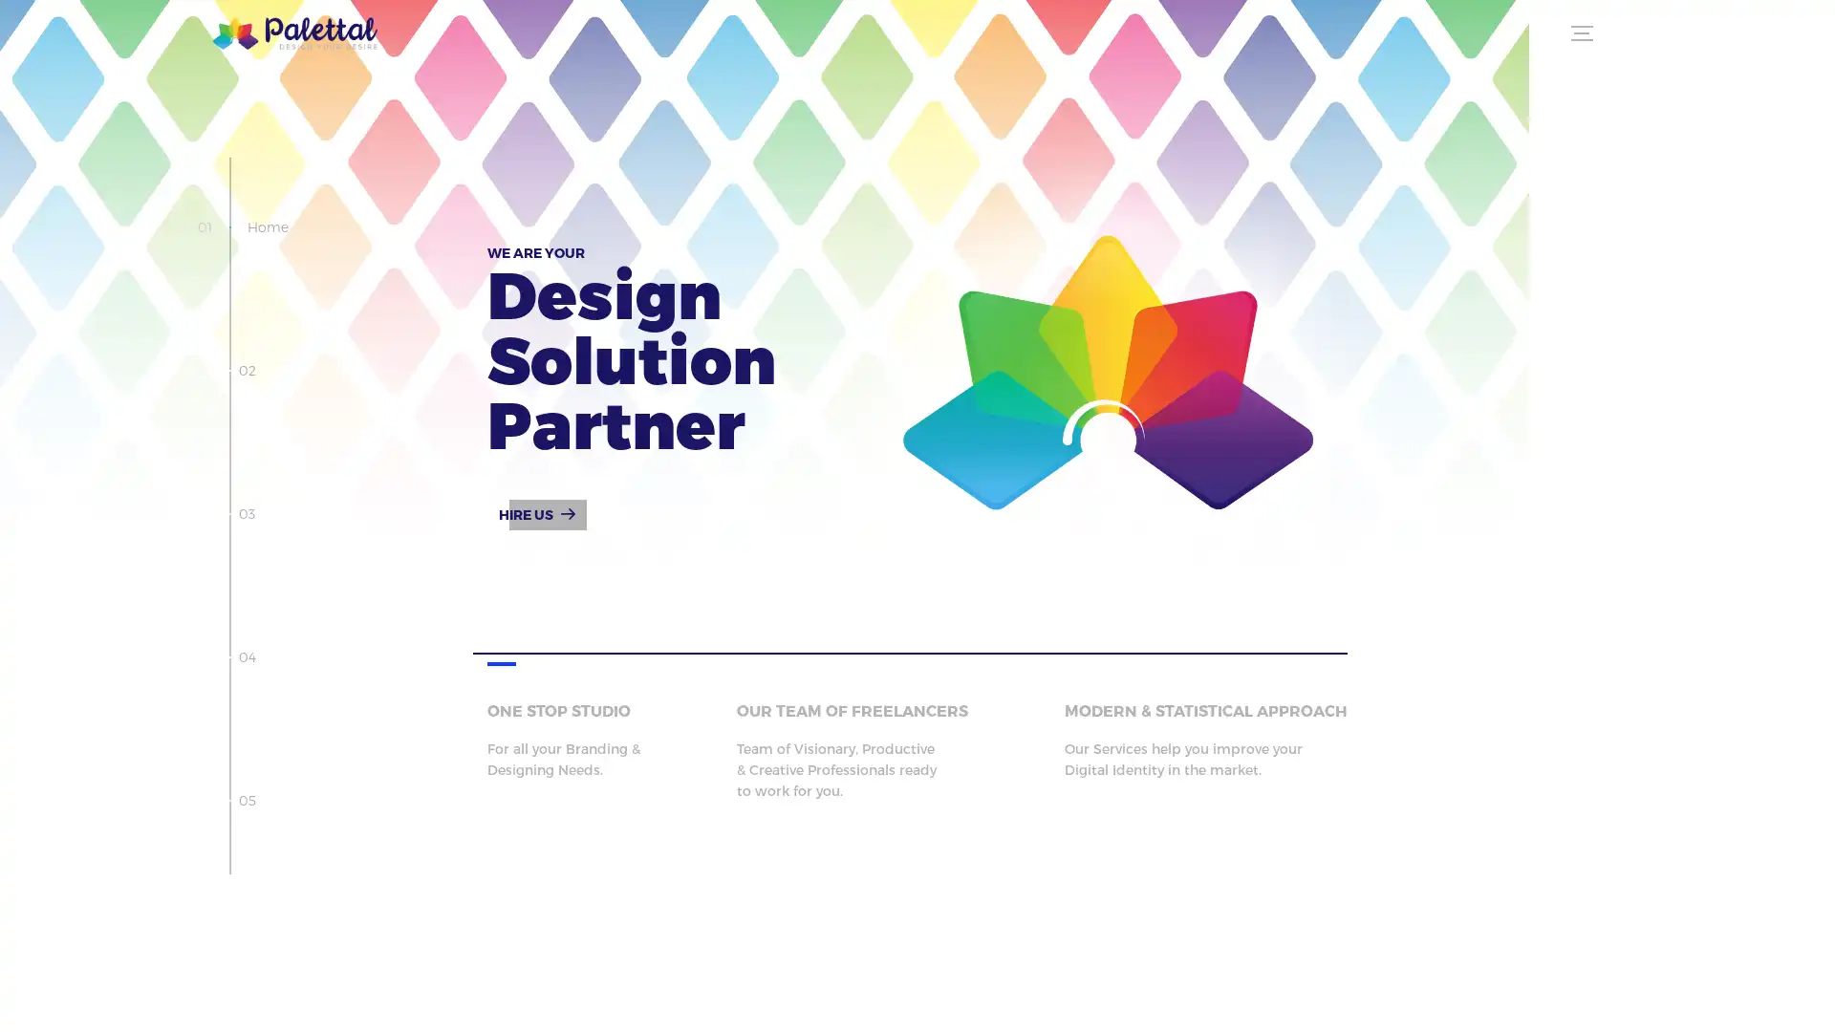 This screenshot has height=1032, width=1835. I want to click on HIRE US, so click(535, 512).